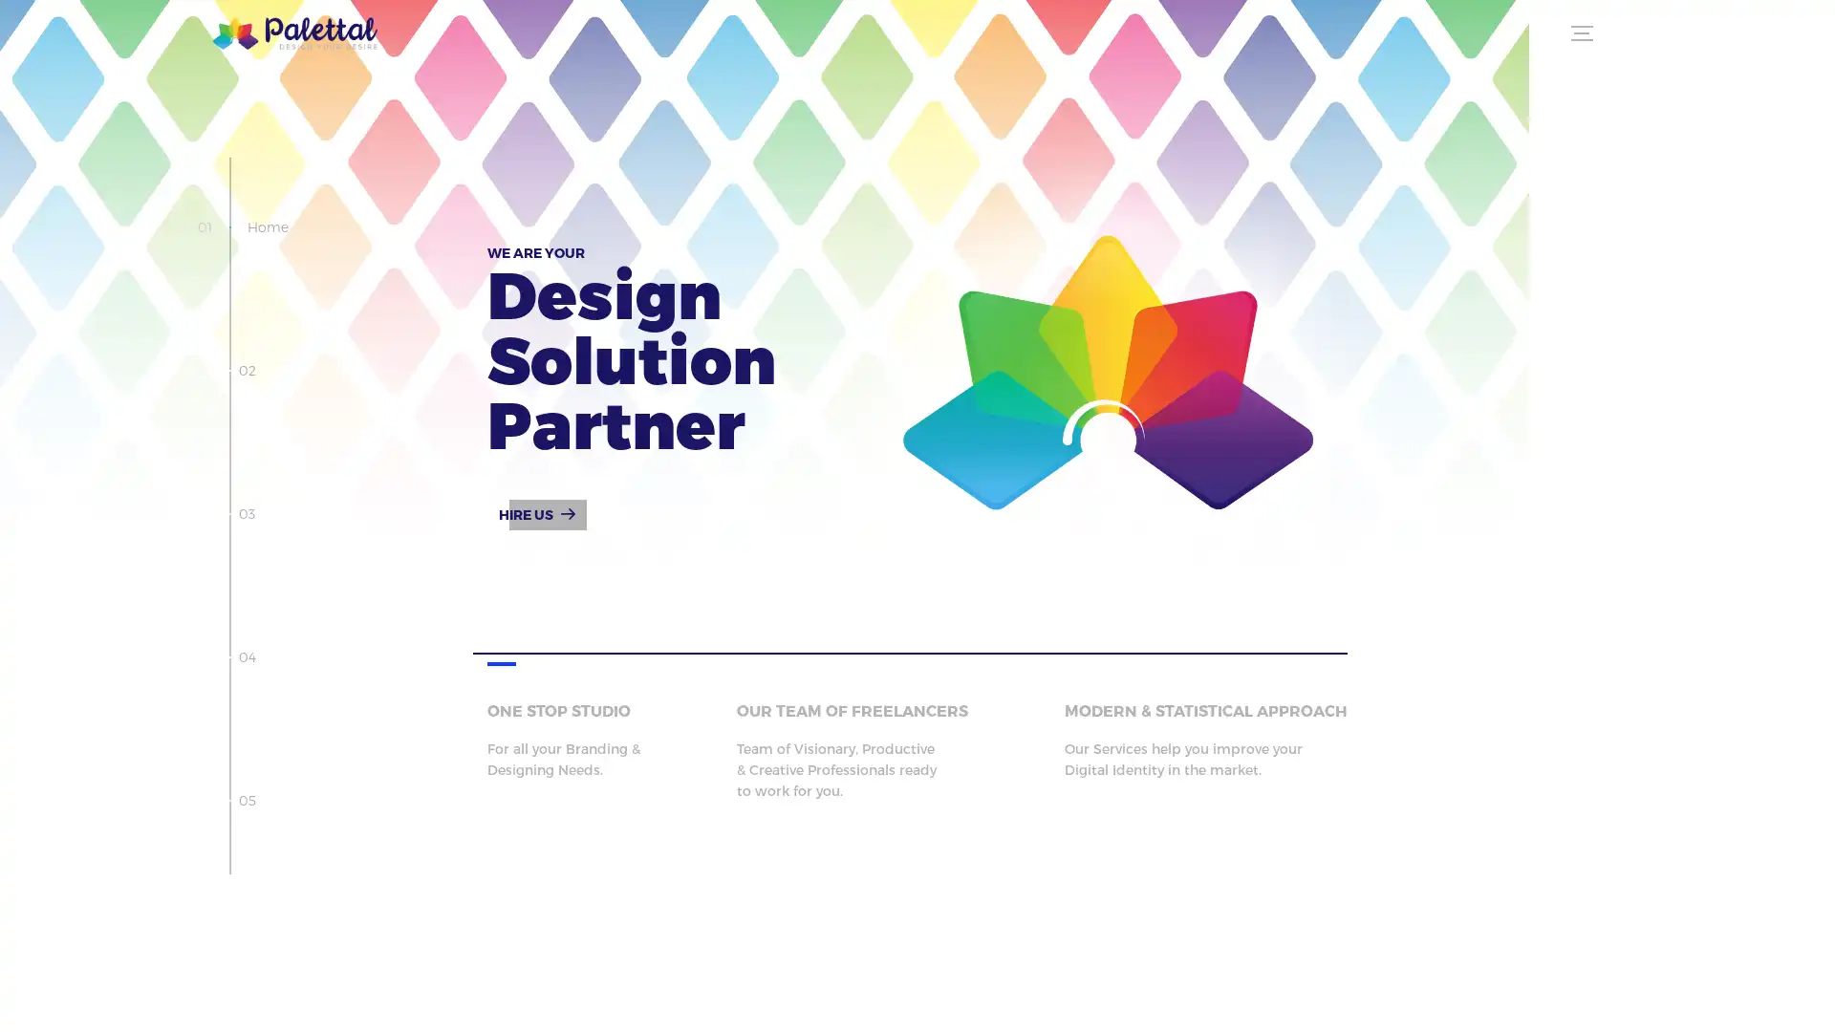 This screenshot has height=1032, width=1835. I want to click on HIRE US, so click(535, 512).